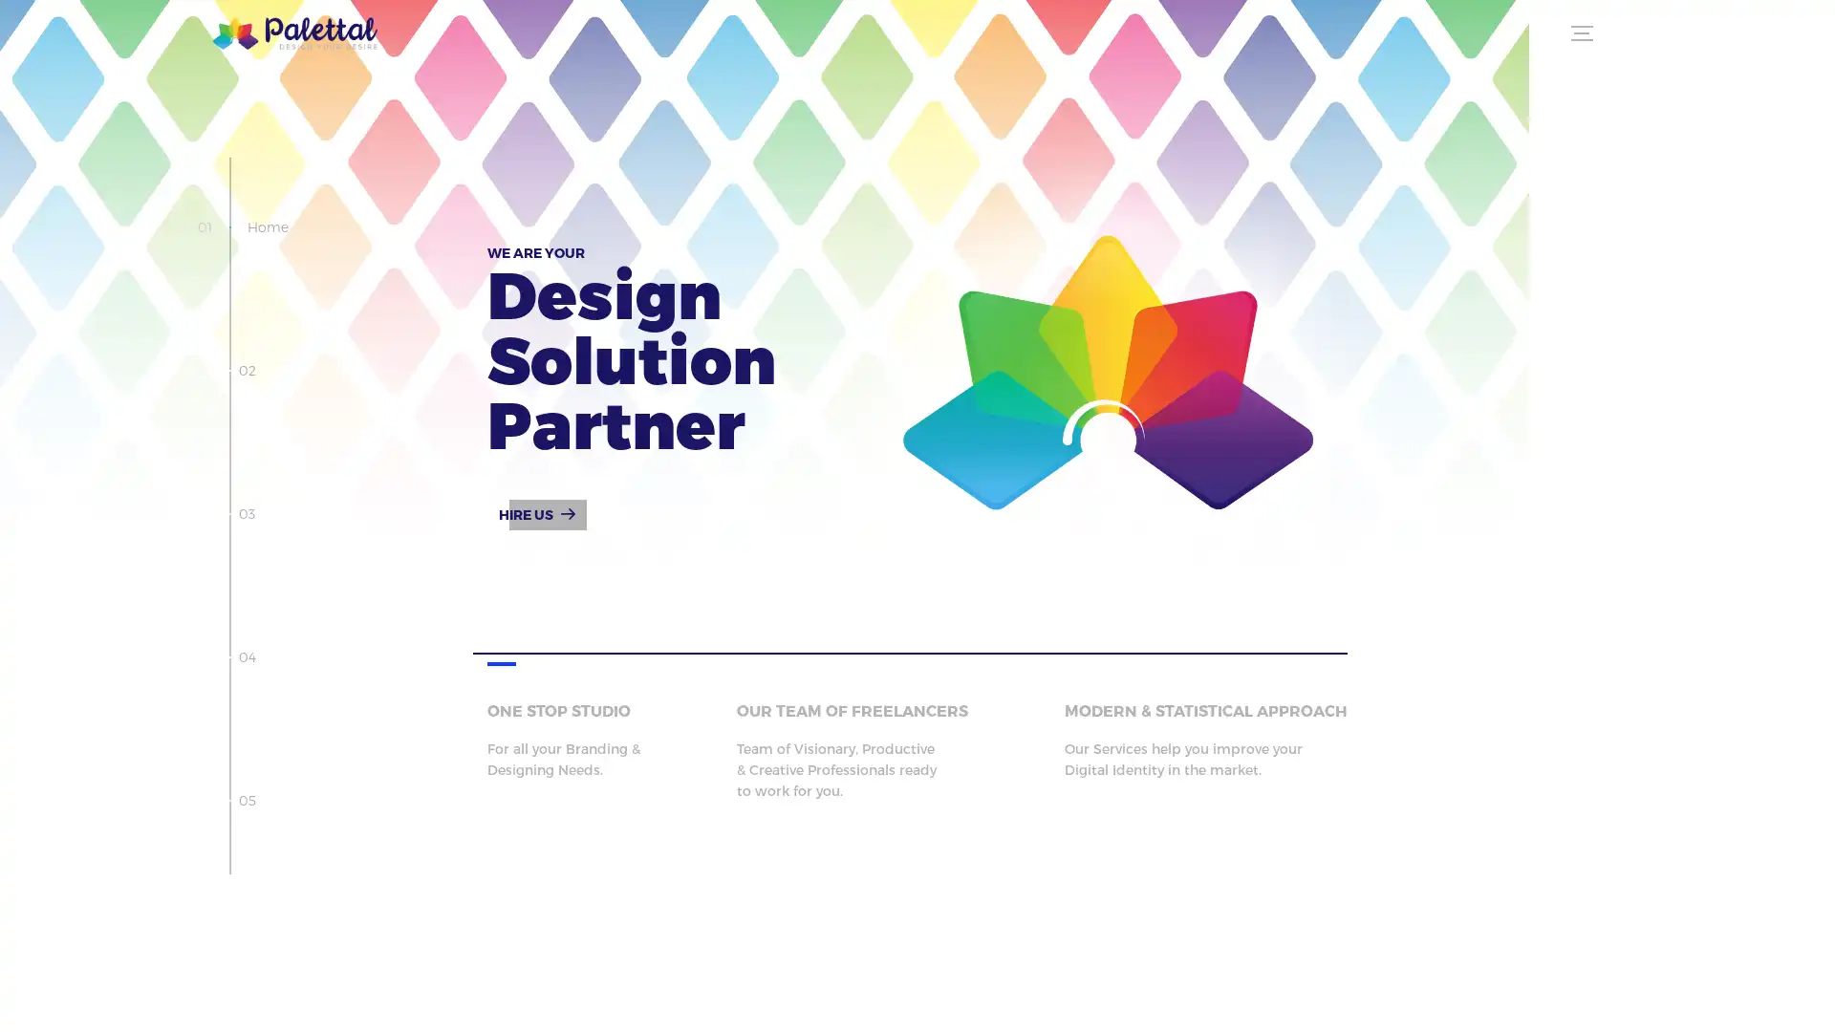 This screenshot has height=1032, width=1835. I want to click on HIRE US, so click(535, 512).